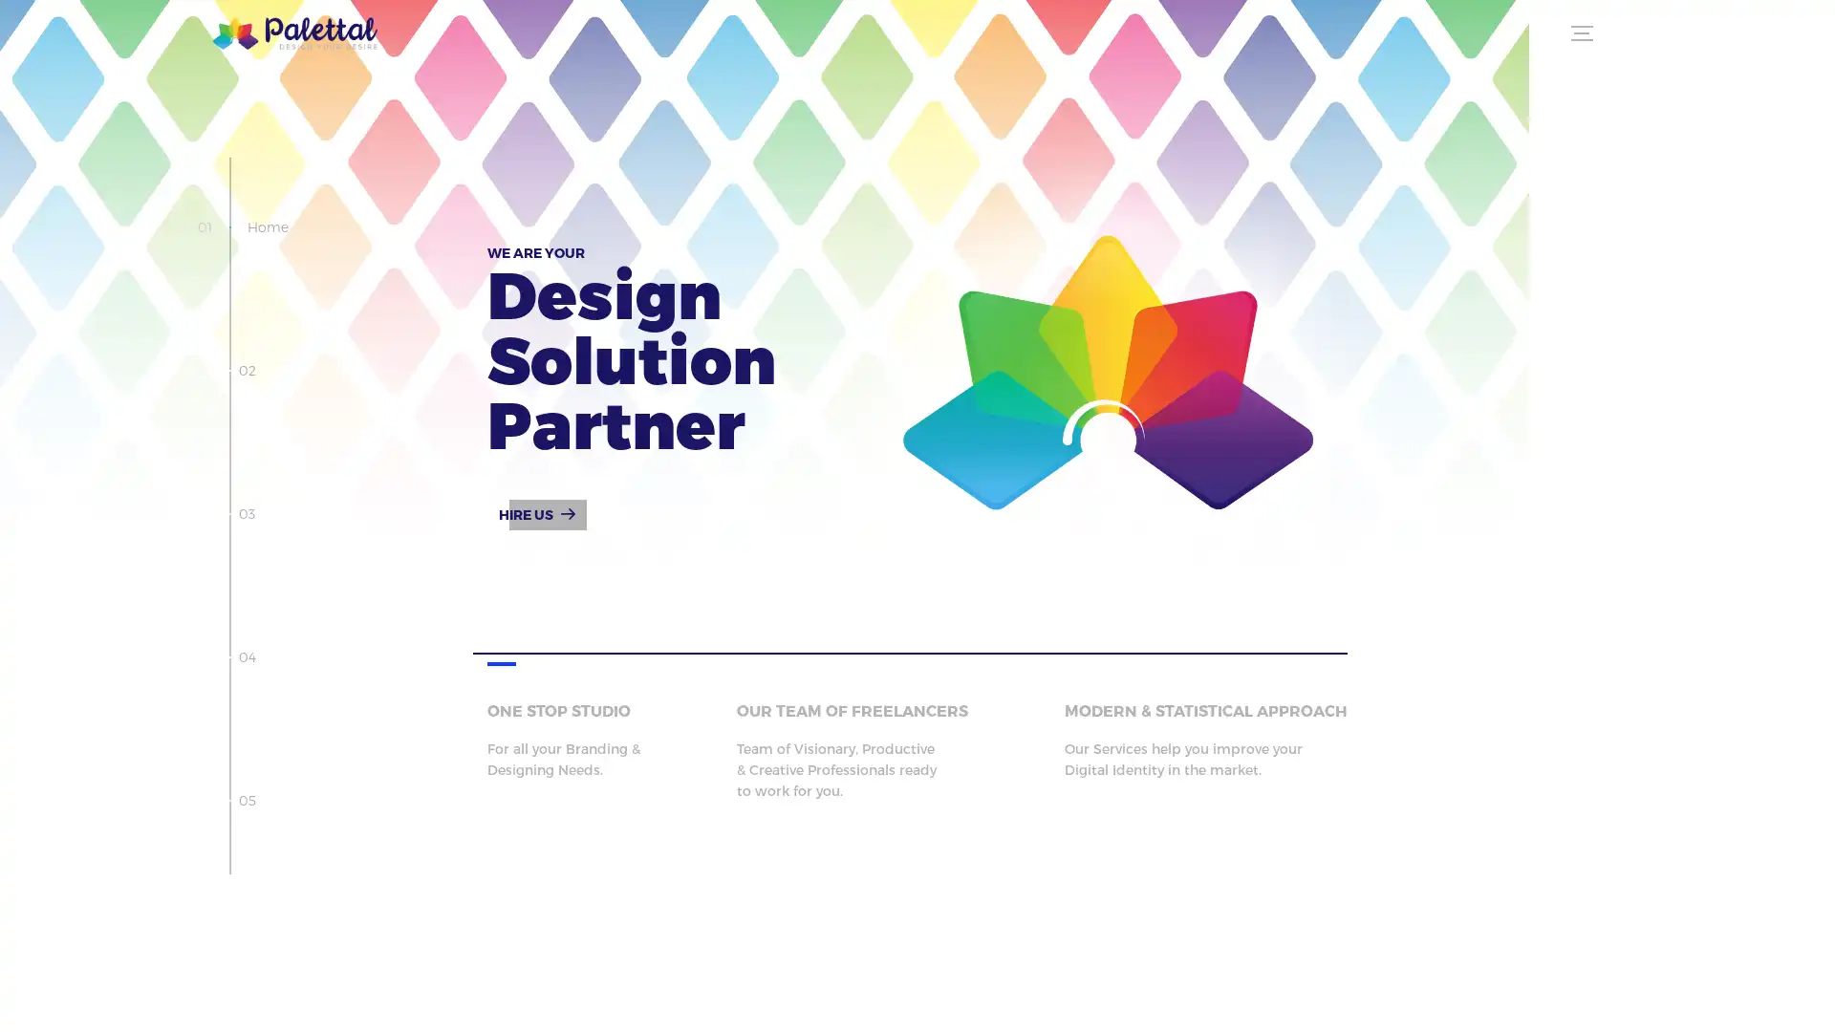 This screenshot has height=1032, width=1835. I want to click on HIRE US, so click(535, 512).